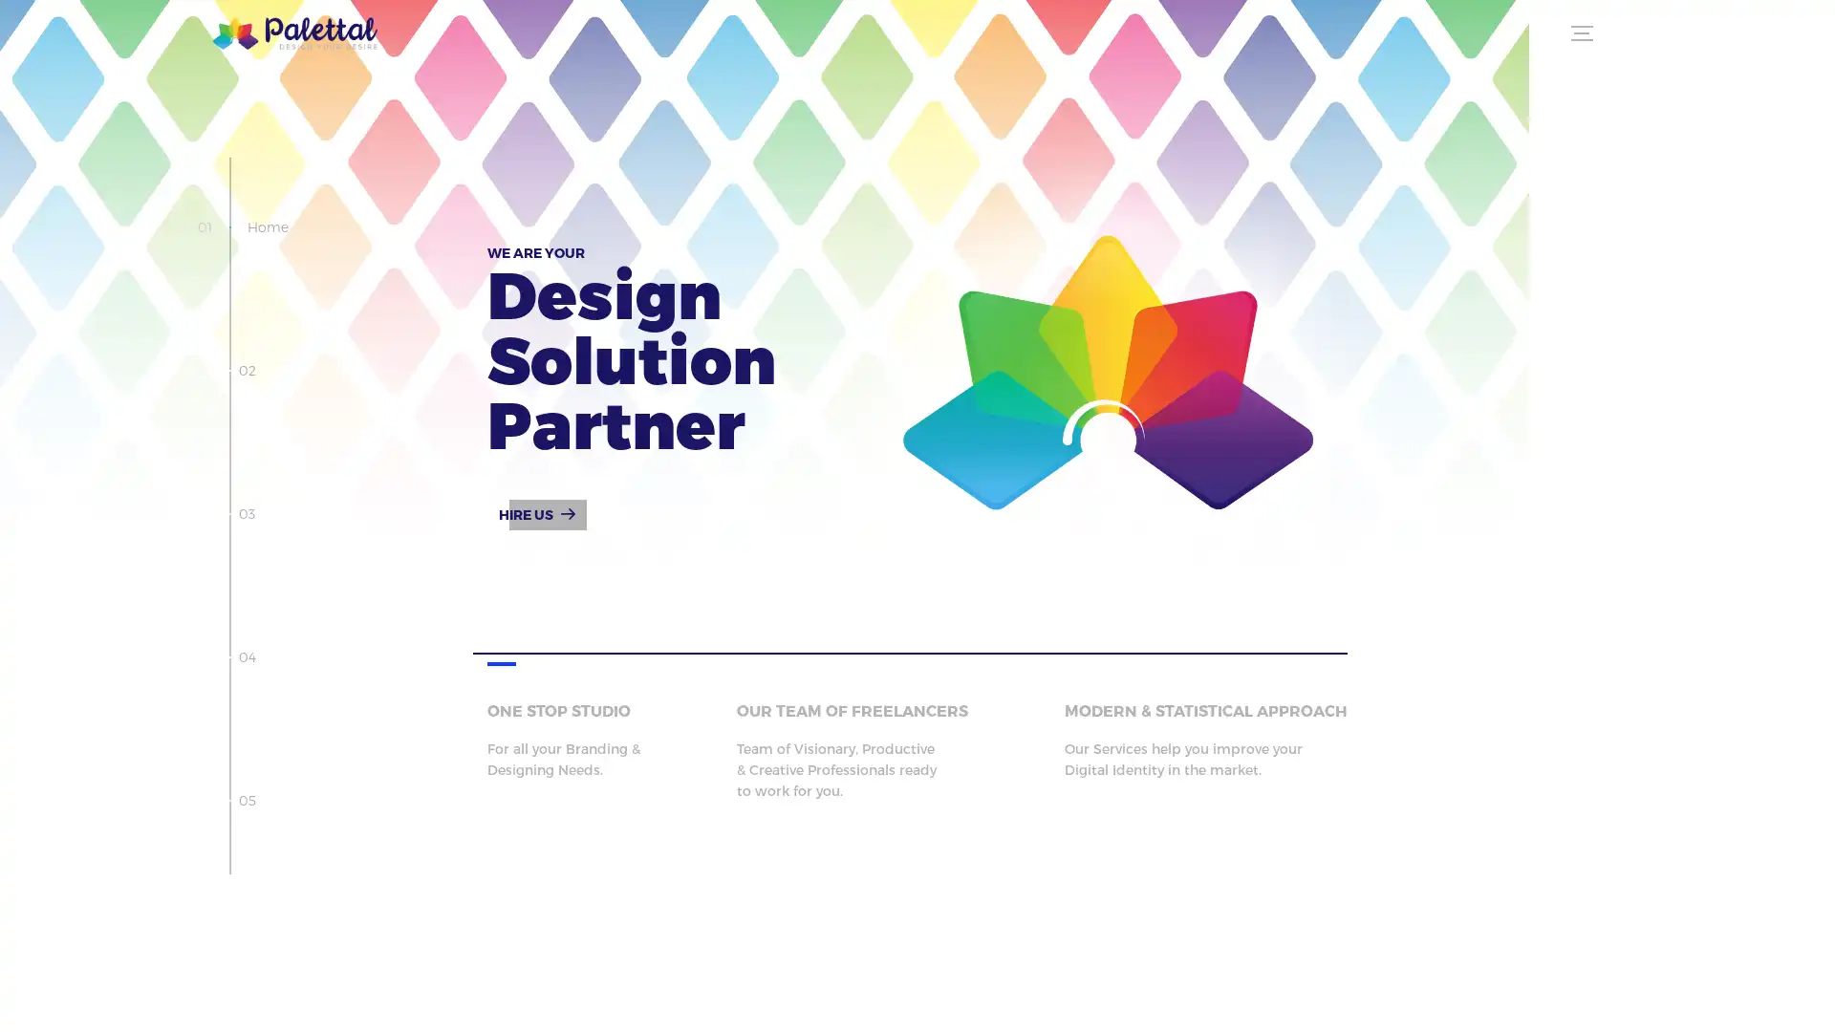 This screenshot has height=1032, width=1835. I want to click on HIRE US, so click(535, 512).